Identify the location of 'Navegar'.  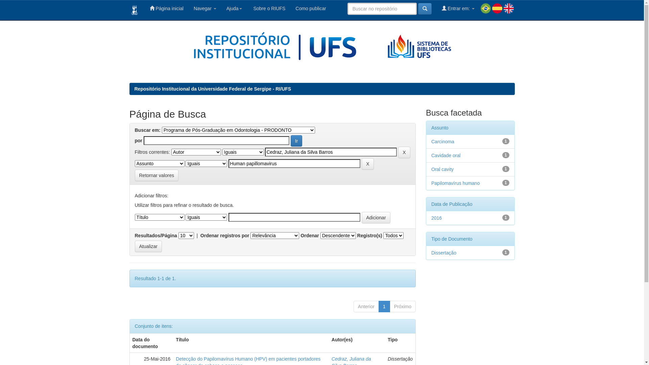
(205, 8).